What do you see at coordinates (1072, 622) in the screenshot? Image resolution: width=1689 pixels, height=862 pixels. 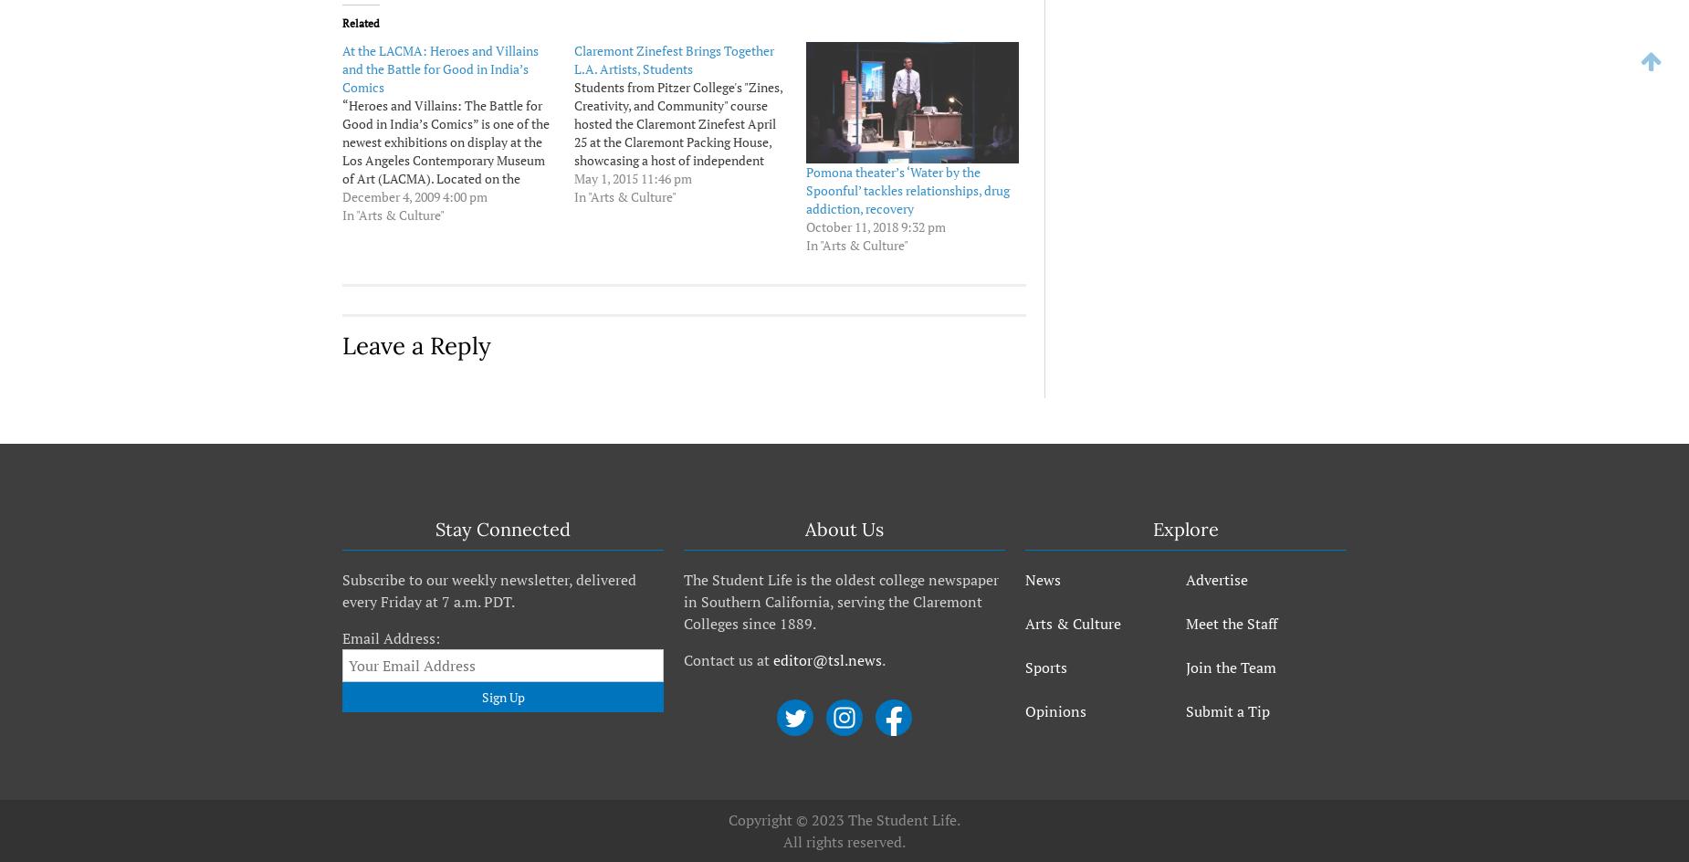 I see `'Arts & Culture'` at bounding box center [1072, 622].